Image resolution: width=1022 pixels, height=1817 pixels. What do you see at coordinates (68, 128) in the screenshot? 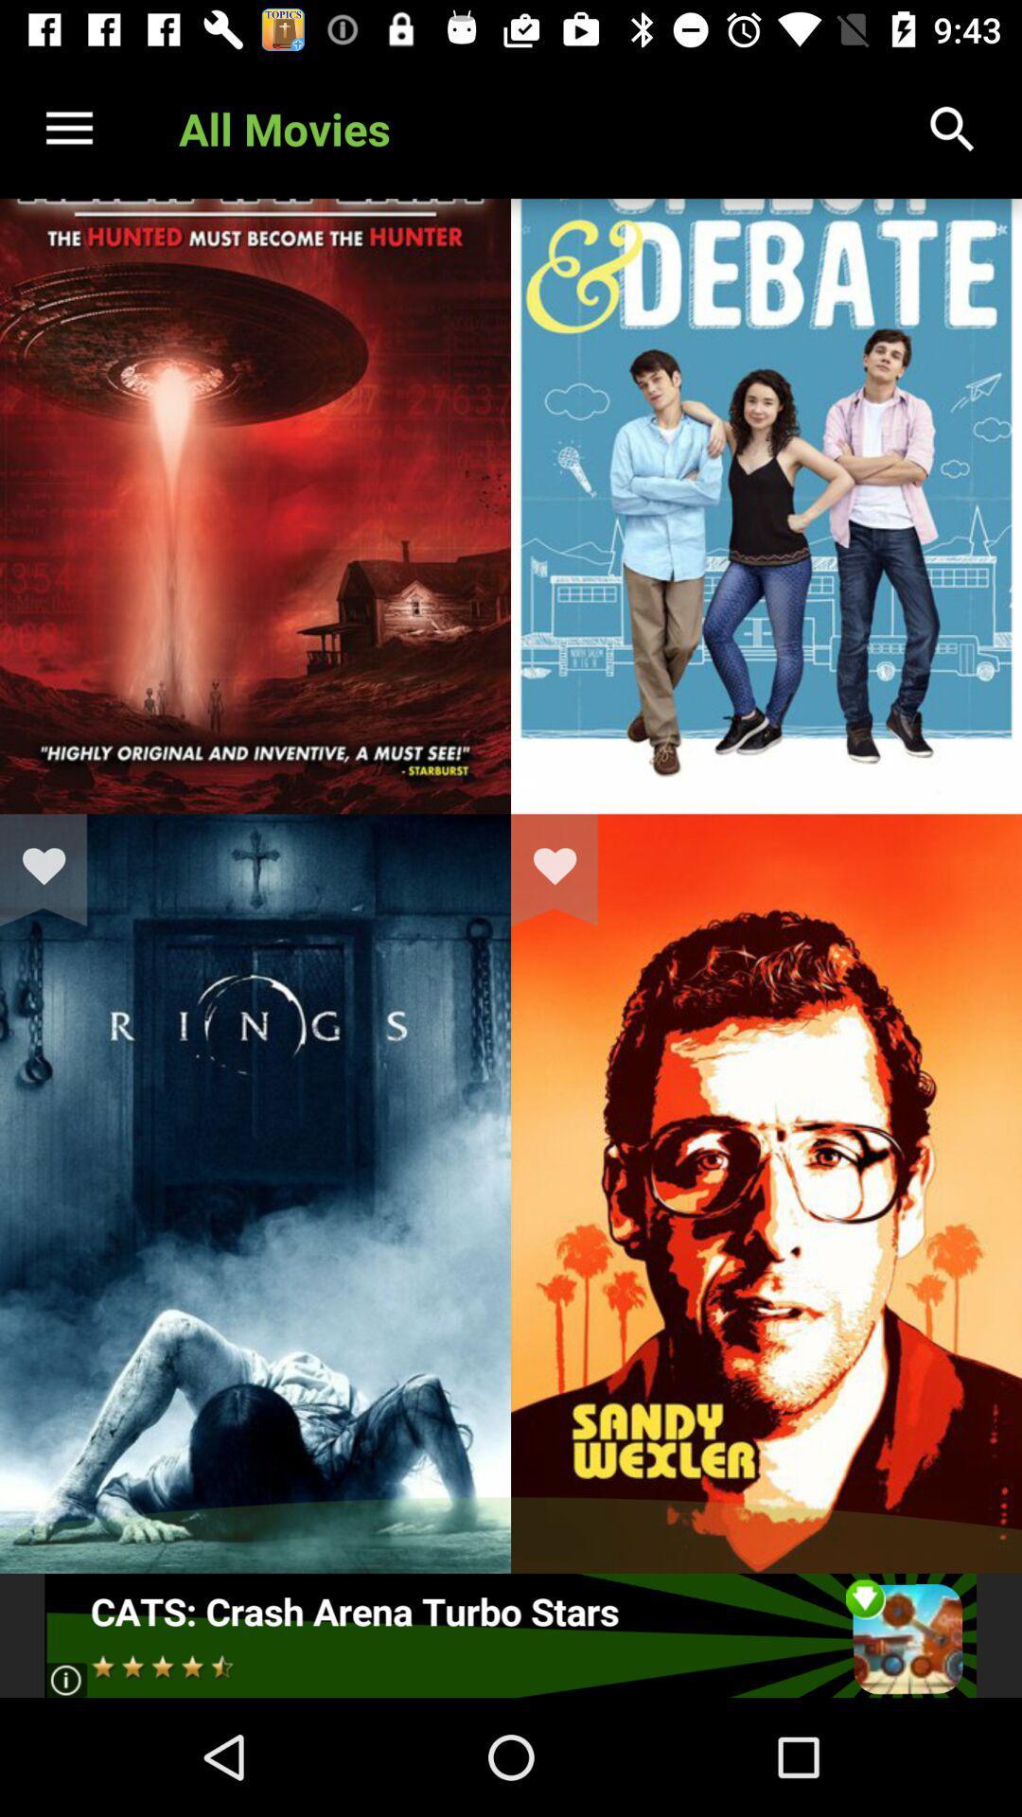
I see `the icon next to the all movies item` at bounding box center [68, 128].